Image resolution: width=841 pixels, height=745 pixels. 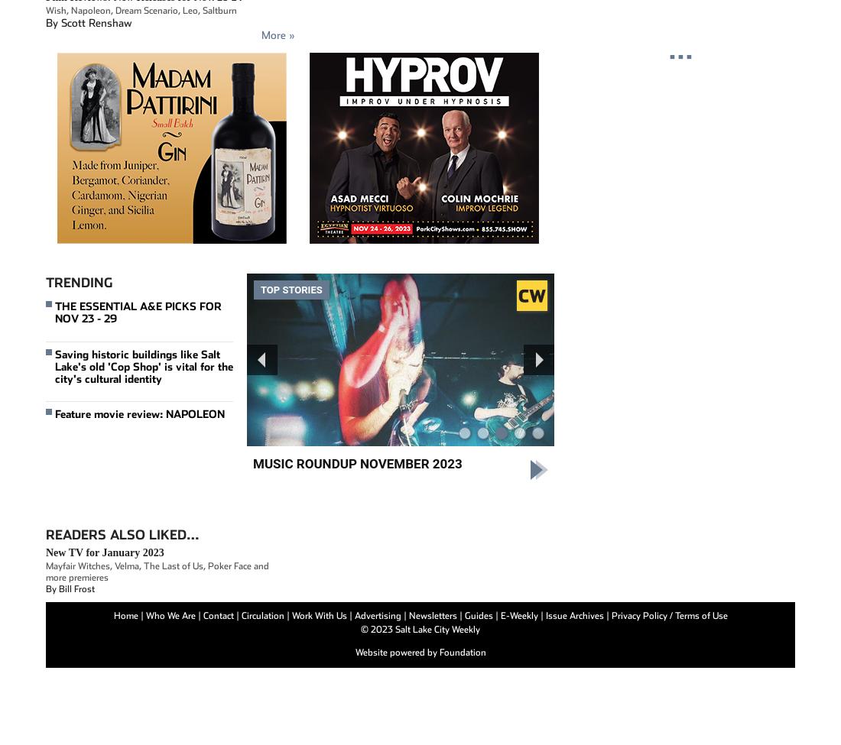 What do you see at coordinates (240, 615) in the screenshot?
I see `'Circulation'` at bounding box center [240, 615].